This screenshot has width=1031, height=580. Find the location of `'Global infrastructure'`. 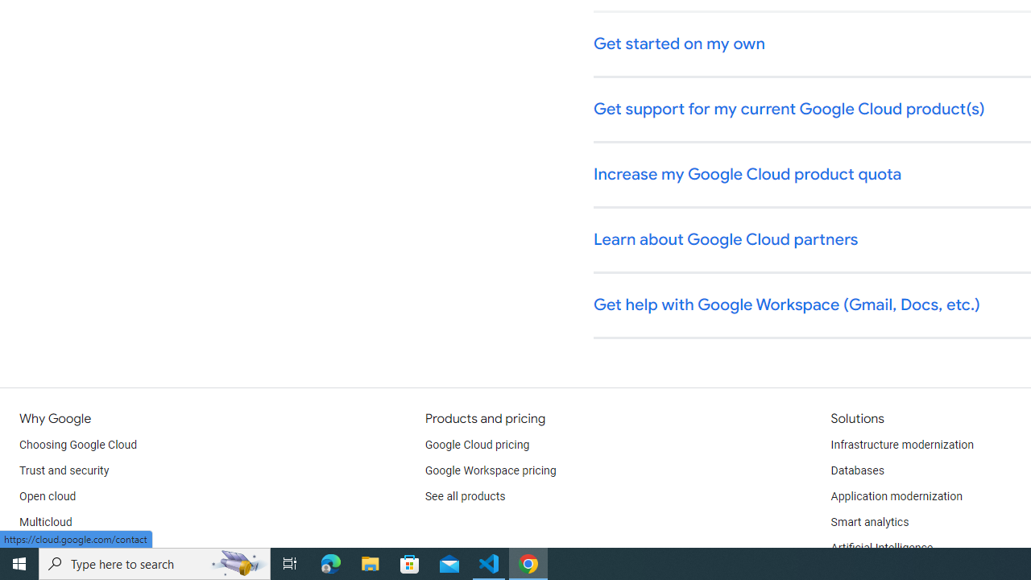

'Global infrastructure' is located at coordinates (70, 548).